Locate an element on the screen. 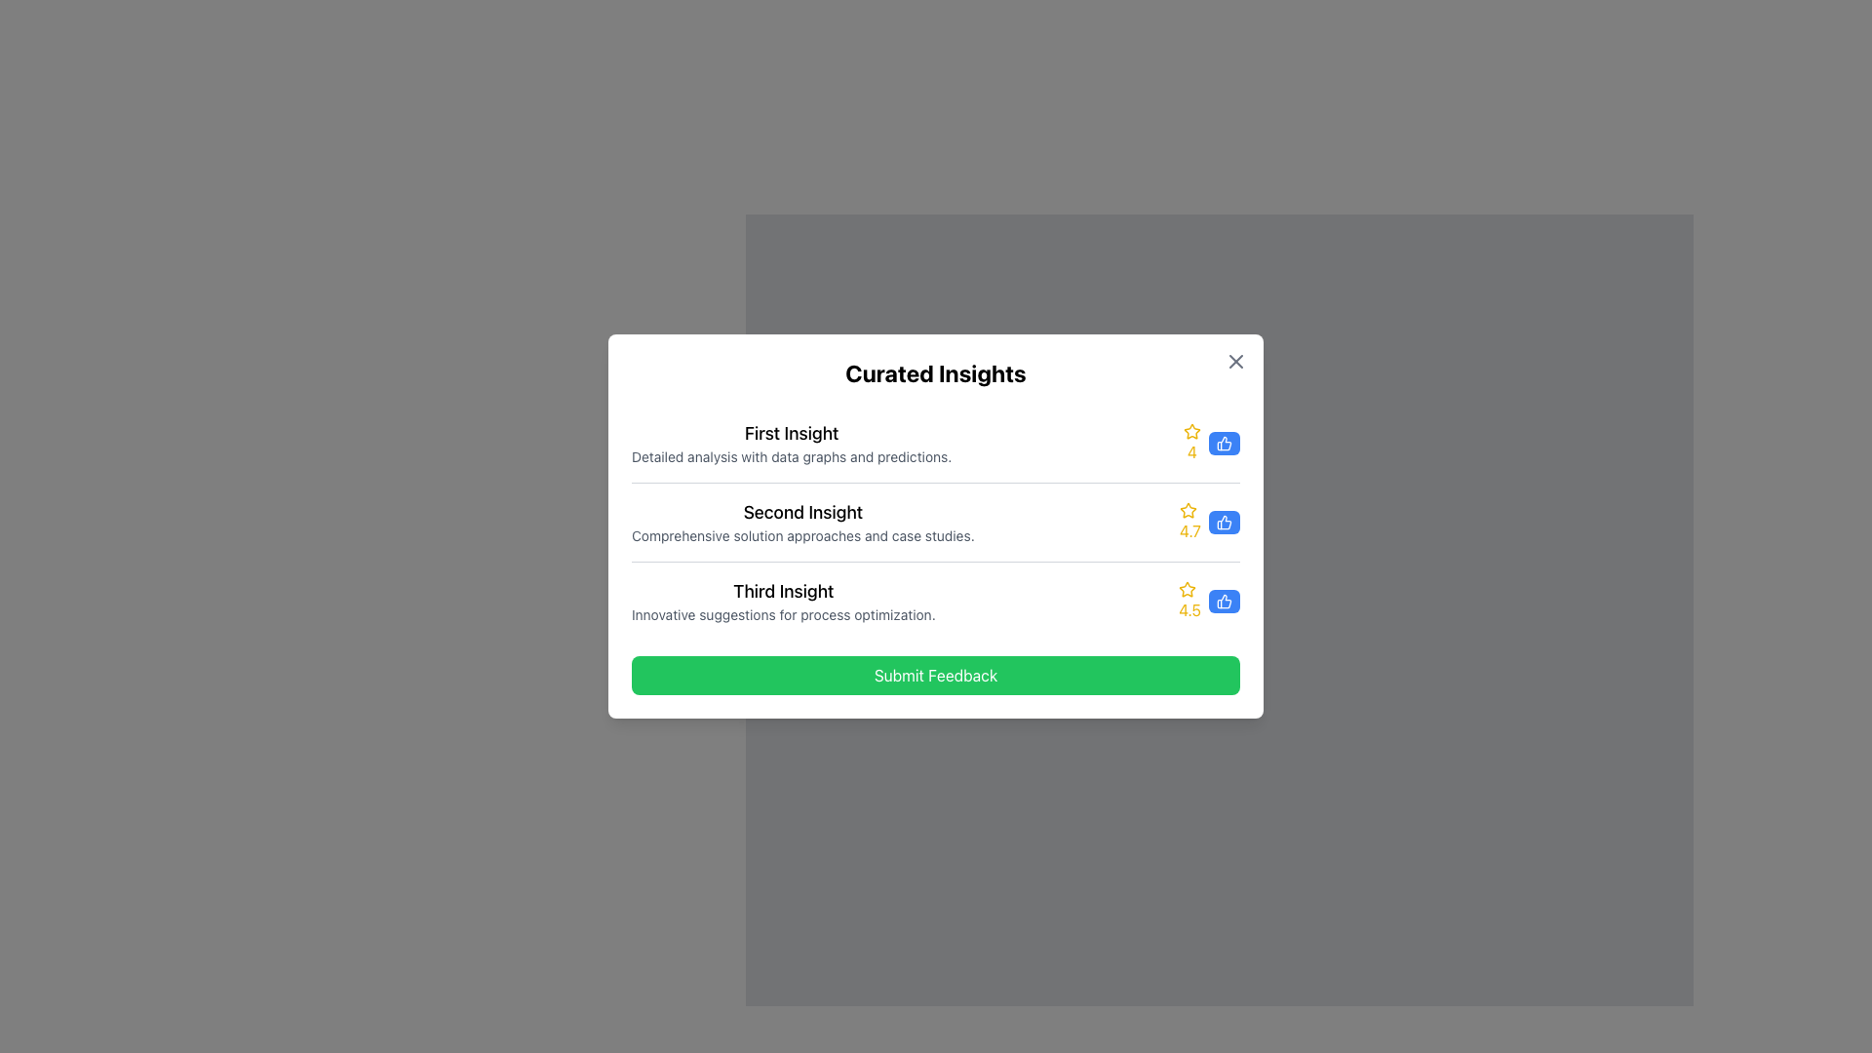  the thumbs-up icon of the Rating and feedback indicator for the 'Third Insight', which displays a rating of '4.5' is located at coordinates (1208, 601).